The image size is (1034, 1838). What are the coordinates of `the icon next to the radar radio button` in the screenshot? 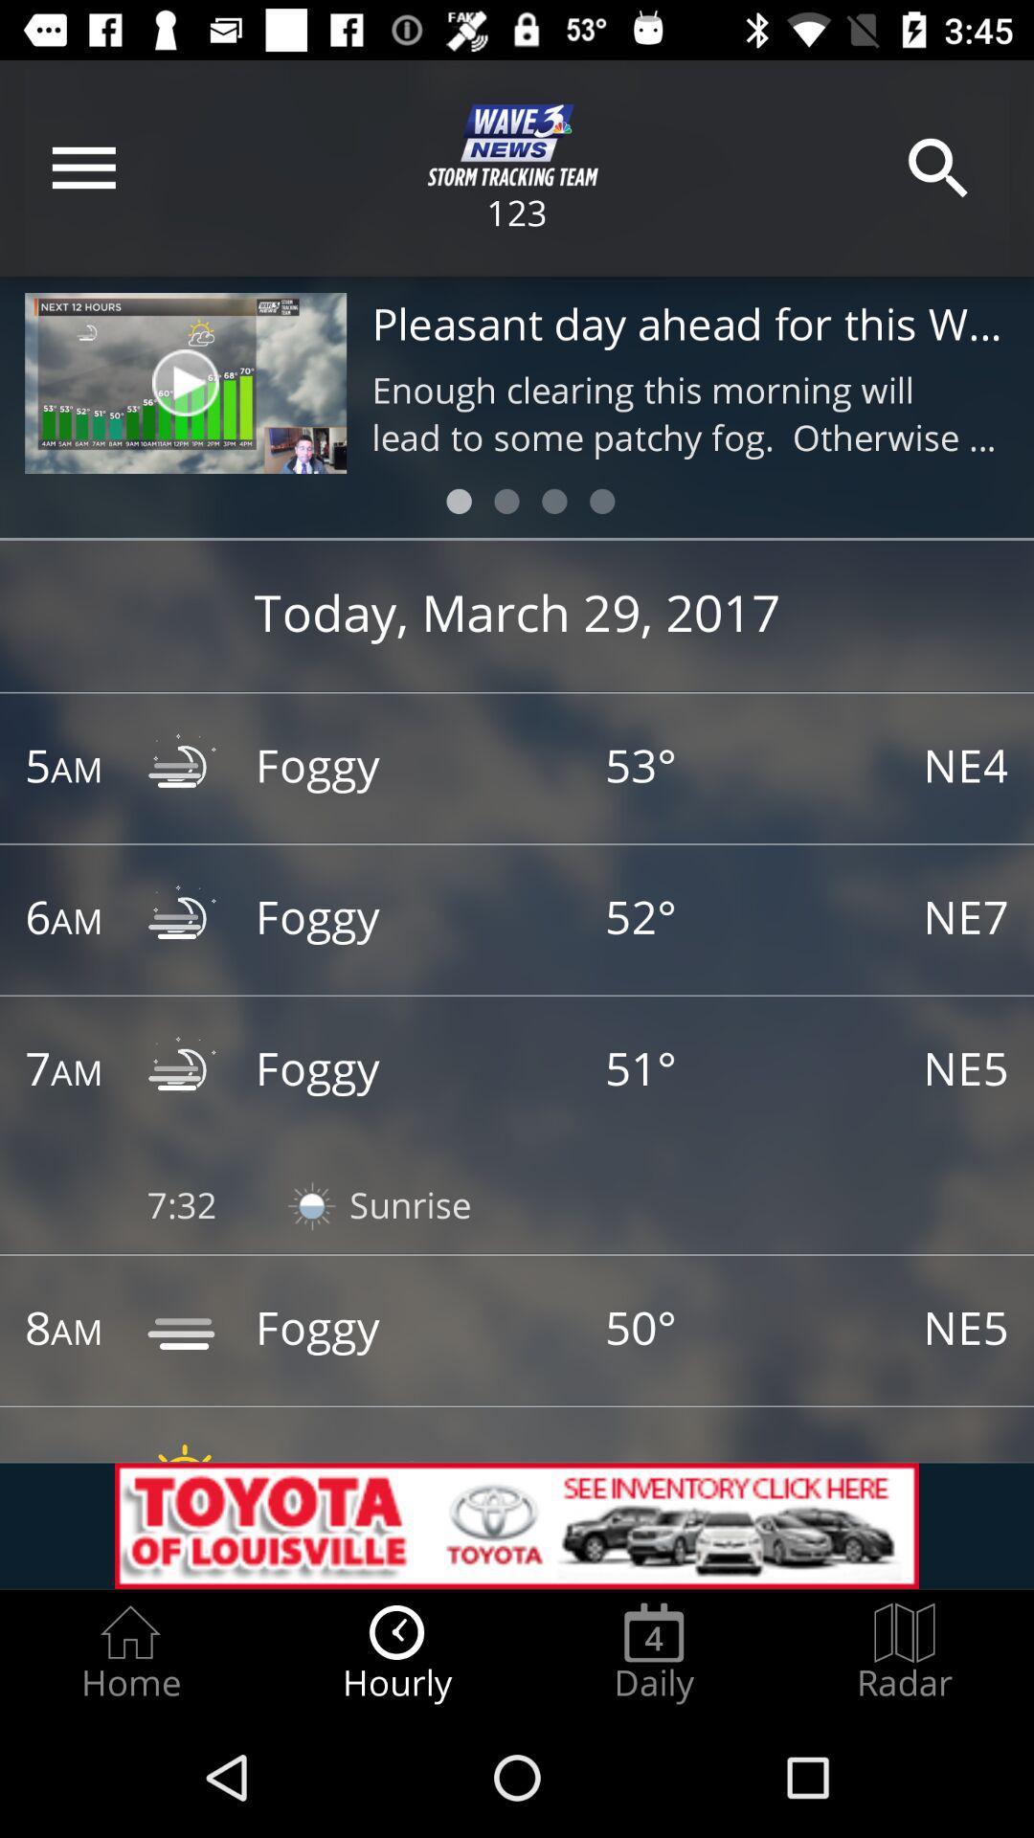 It's located at (653, 1652).